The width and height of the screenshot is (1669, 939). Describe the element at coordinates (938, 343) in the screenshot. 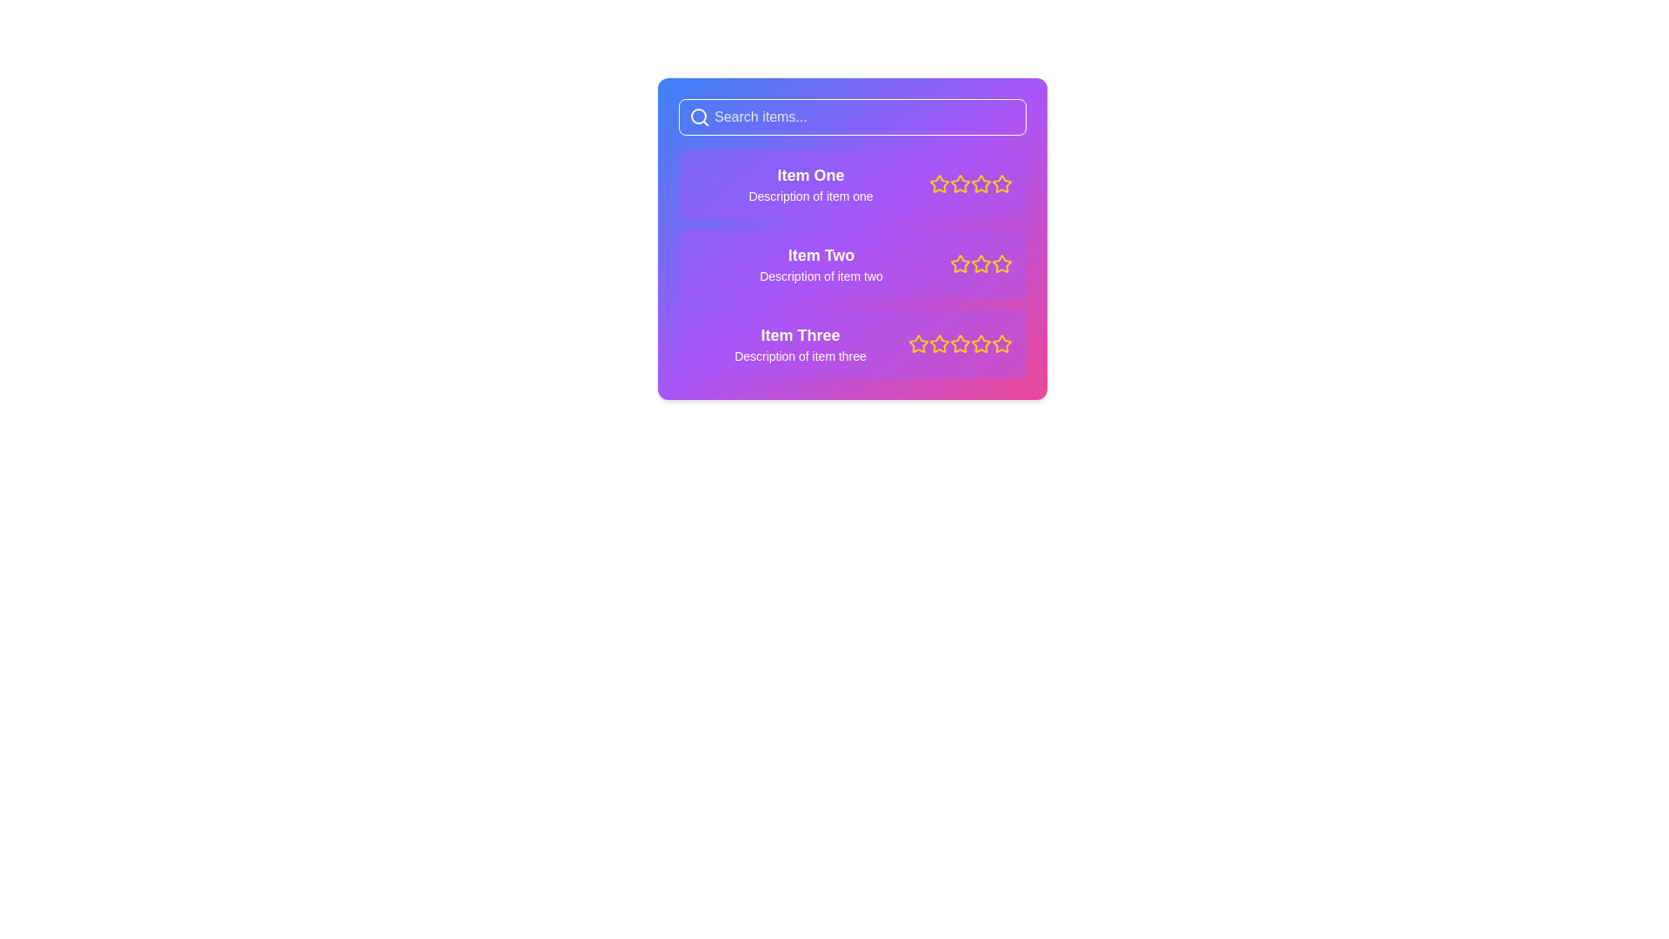

I see `the second star icon in the rating system for 'Item Three', which is located below the search bar and adjacent to the text 'Item Three'` at that location.